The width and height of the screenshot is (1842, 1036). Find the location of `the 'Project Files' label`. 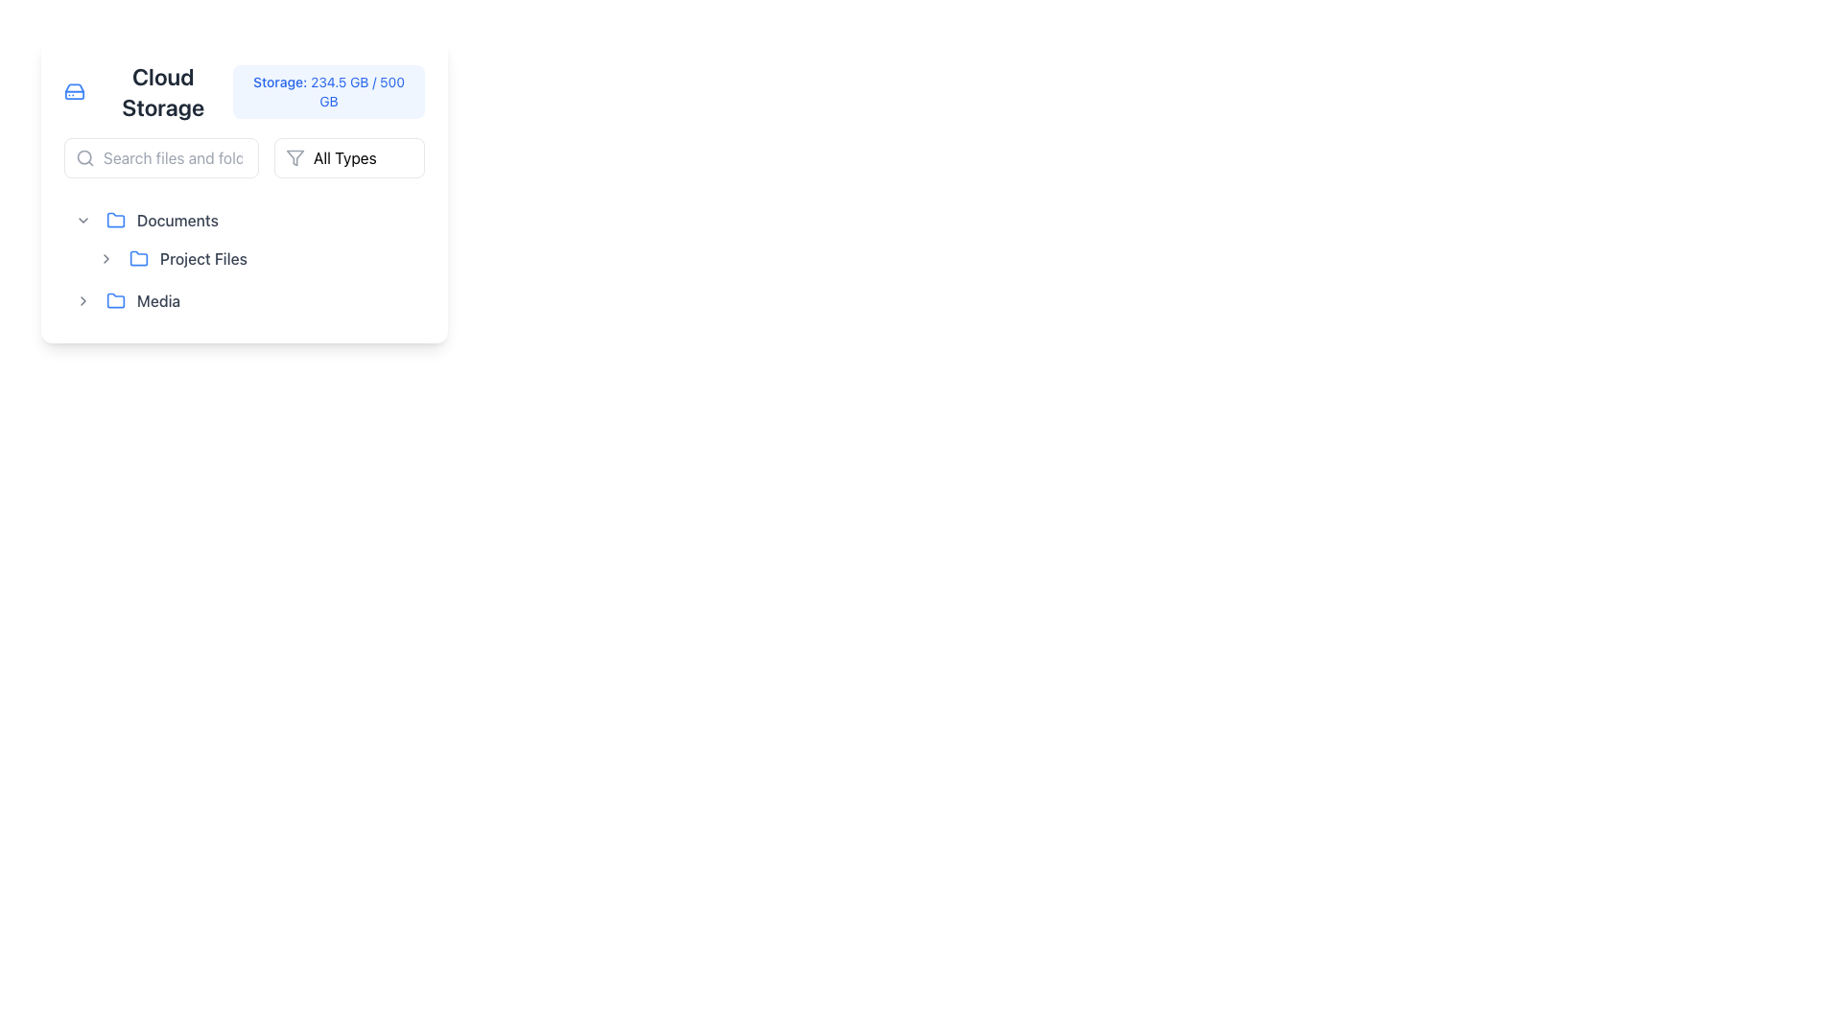

the 'Project Files' label is located at coordinates (203, 259).